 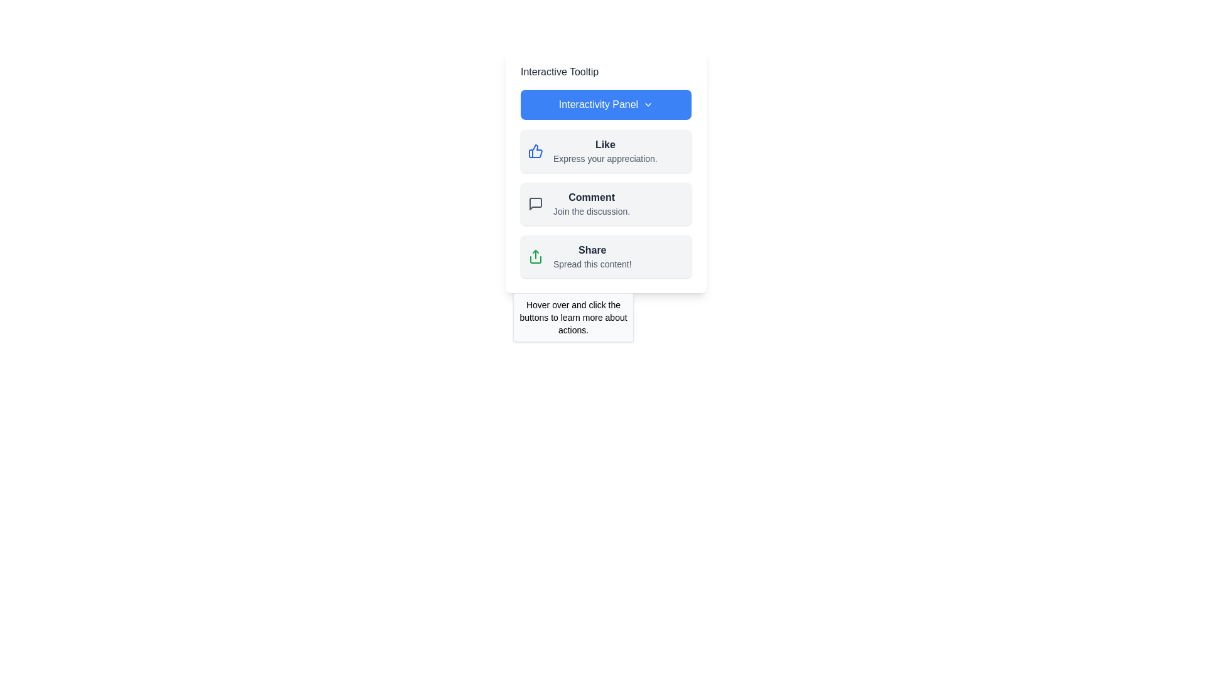 I want to click on the downward arrow icon on the right side of the blue button labeled 'Interactivity Panel', so click(x=648, y=104).